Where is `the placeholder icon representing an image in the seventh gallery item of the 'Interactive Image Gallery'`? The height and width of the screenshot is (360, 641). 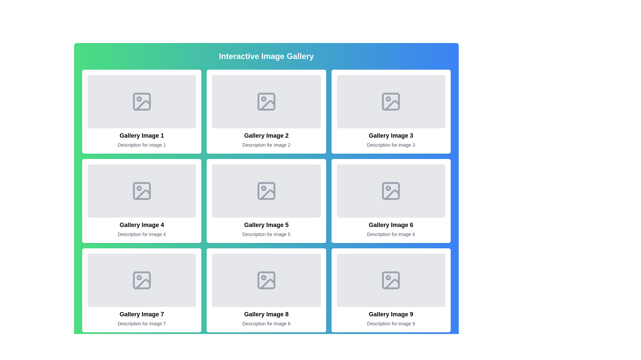
the placeholder icon representing an image in the seventh gallery item of the 'Interactive Image Gallery' is located at coordinates (141, 280).